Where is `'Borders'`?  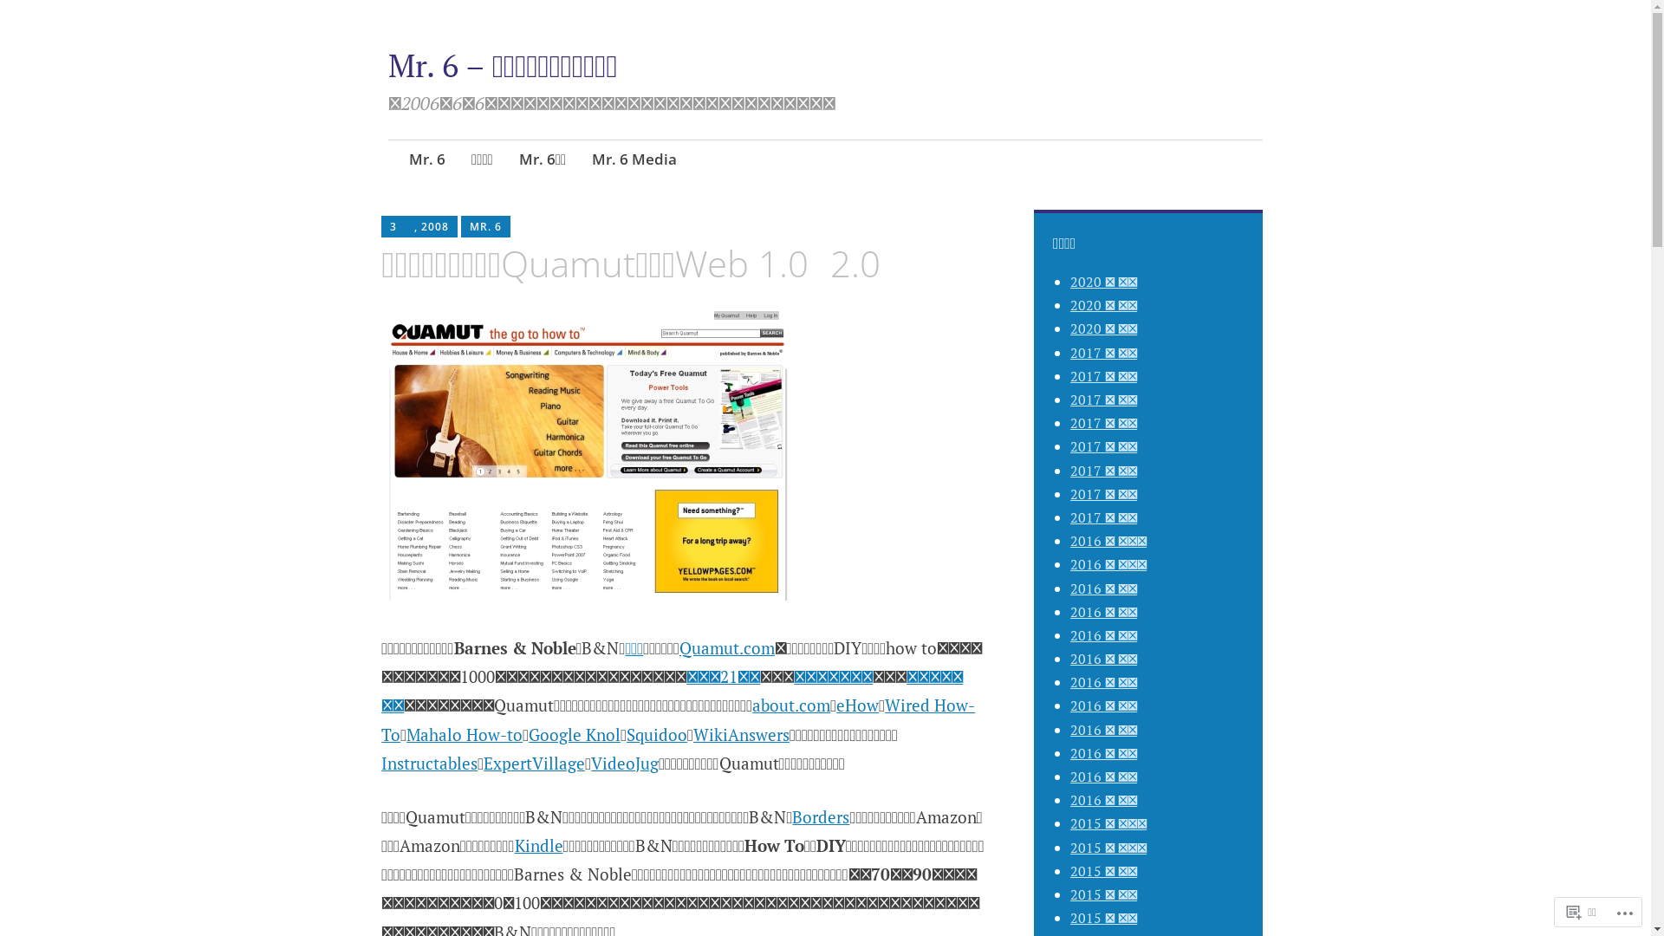
'Borders' is located at coordinates (790, 816).